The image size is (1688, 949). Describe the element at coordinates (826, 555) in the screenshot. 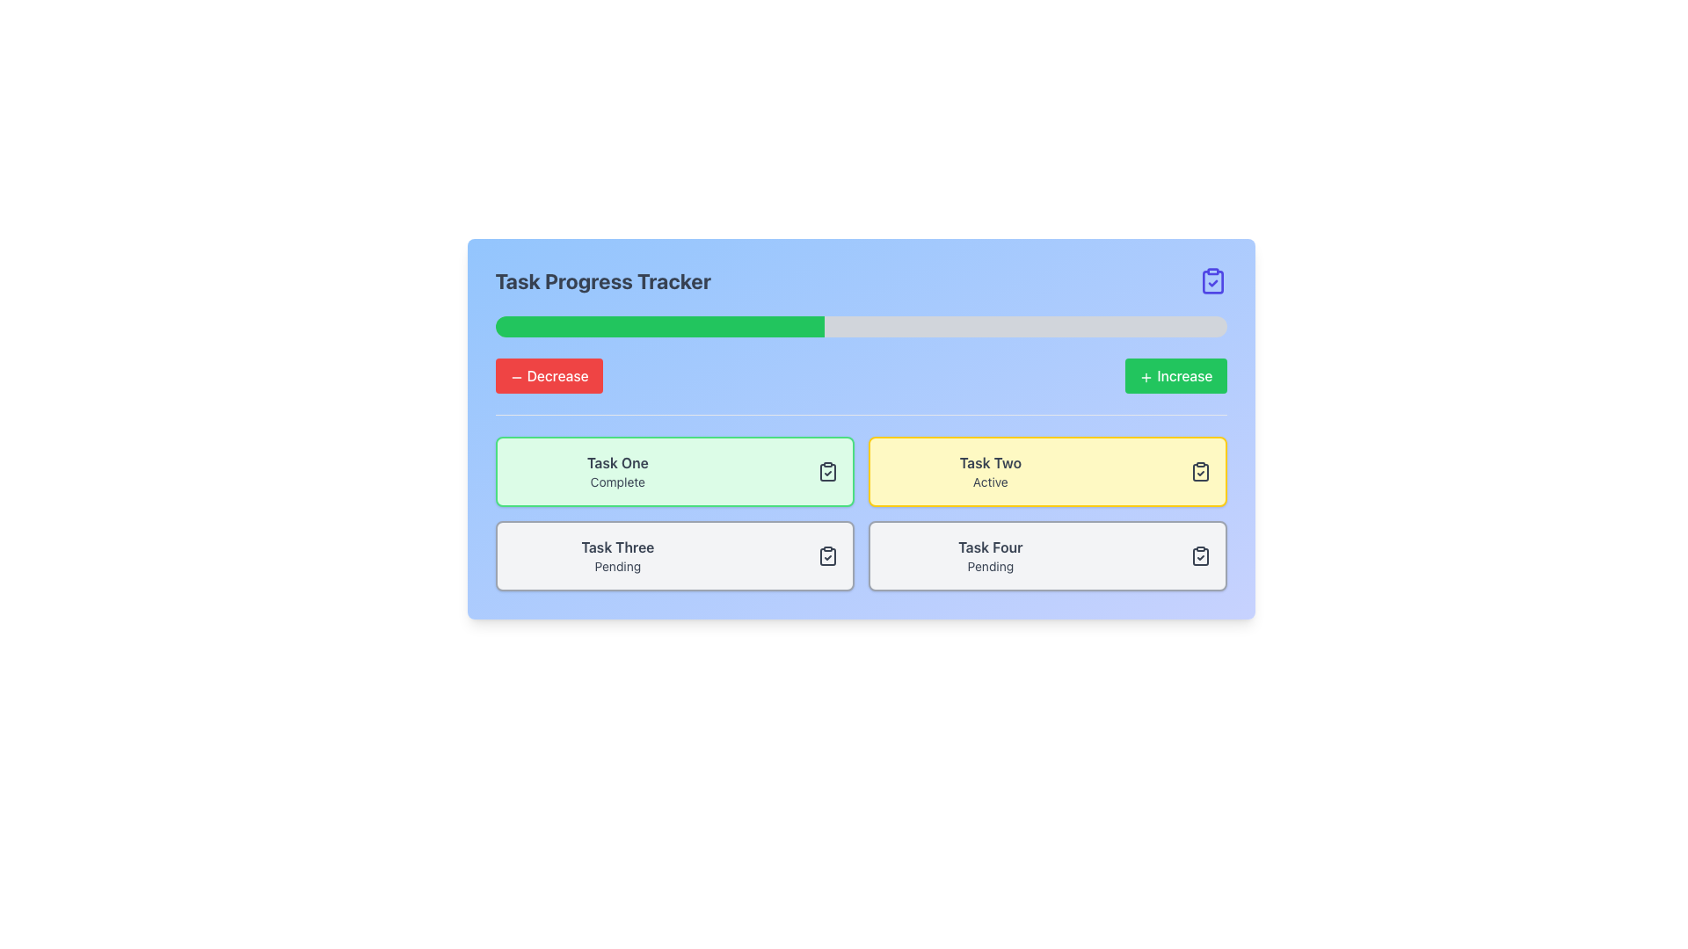

I see `the clipboard icon with a check mark that is gray in color, located at the end of the row for 'Task Three Pending'` at that location.